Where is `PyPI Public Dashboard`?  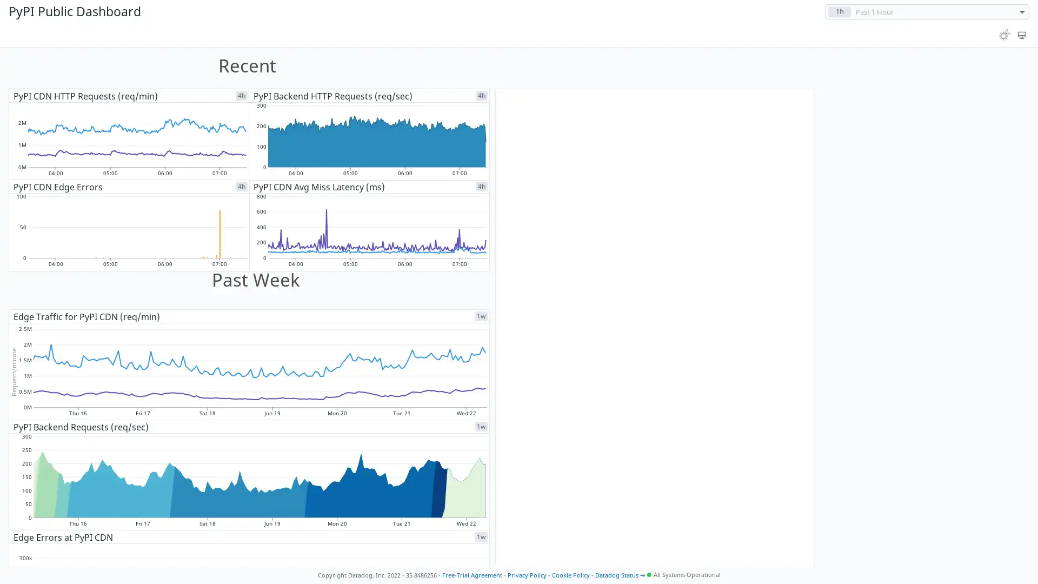 PyPI Public Dashboard is located at coordinates (76, 11).